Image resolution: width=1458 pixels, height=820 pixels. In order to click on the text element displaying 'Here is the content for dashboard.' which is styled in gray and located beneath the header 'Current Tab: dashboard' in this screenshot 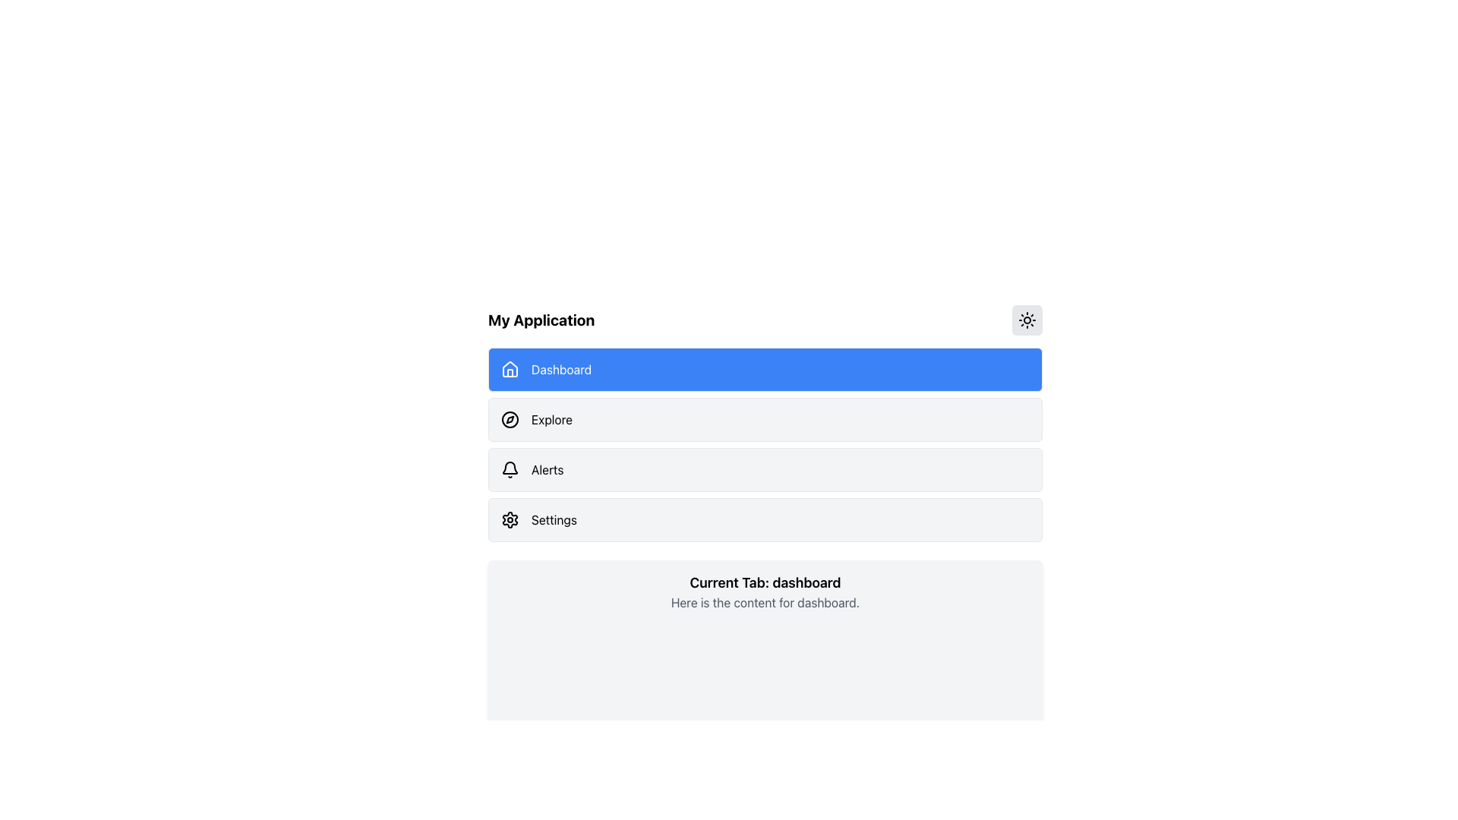, I will do `click(765, 602)`.